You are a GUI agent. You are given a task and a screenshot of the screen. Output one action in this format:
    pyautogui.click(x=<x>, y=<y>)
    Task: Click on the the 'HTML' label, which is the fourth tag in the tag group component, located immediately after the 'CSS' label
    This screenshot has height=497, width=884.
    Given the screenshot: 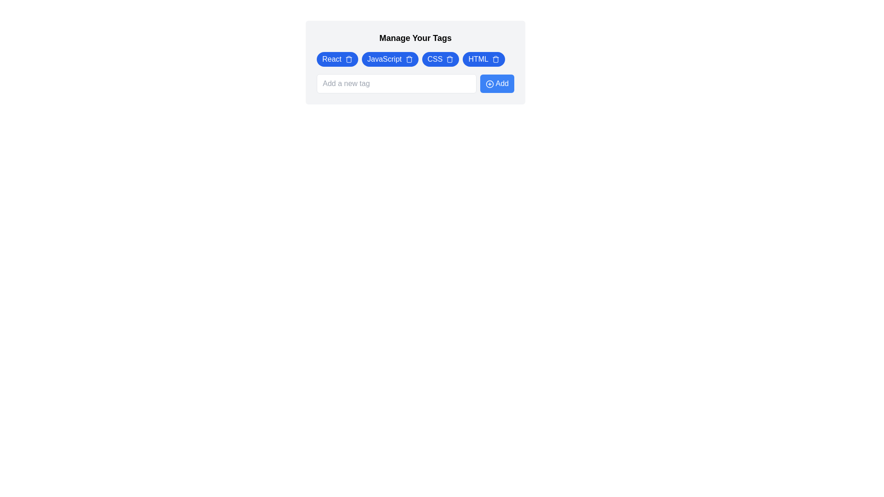 What is the action you would take?
    pyautogui.click(x=478, y=59)
    